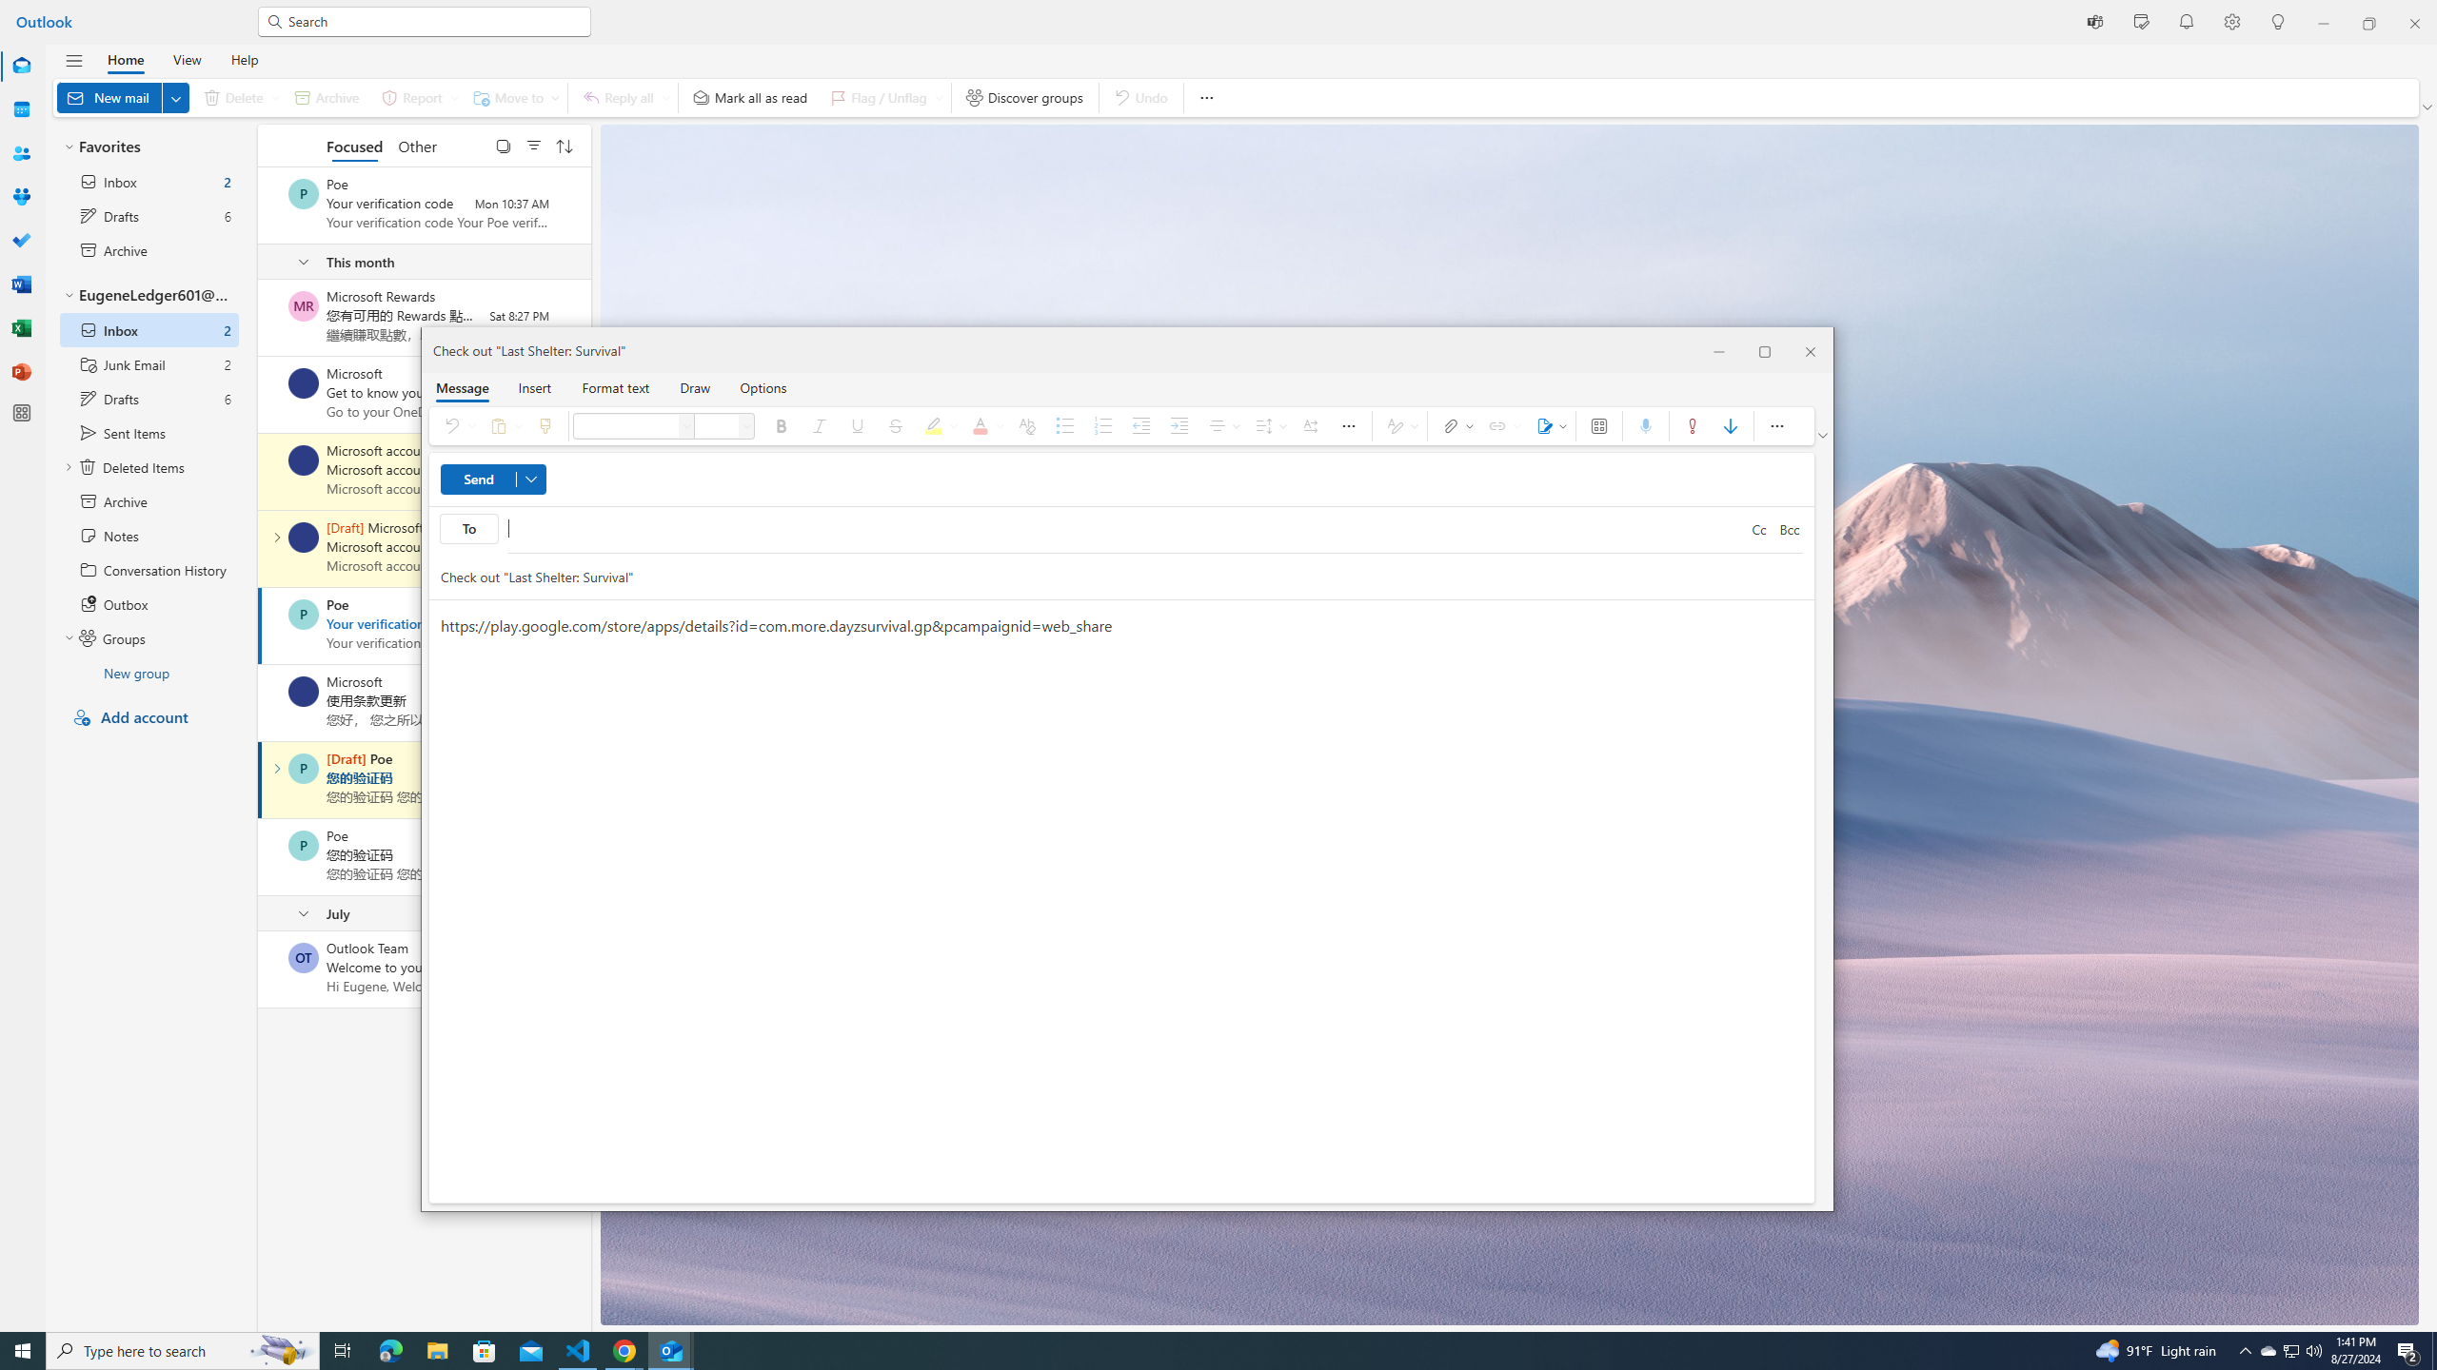 The image size is (2437, 1370). I want to click on 'Hide navigation pane', so click(73, 61).